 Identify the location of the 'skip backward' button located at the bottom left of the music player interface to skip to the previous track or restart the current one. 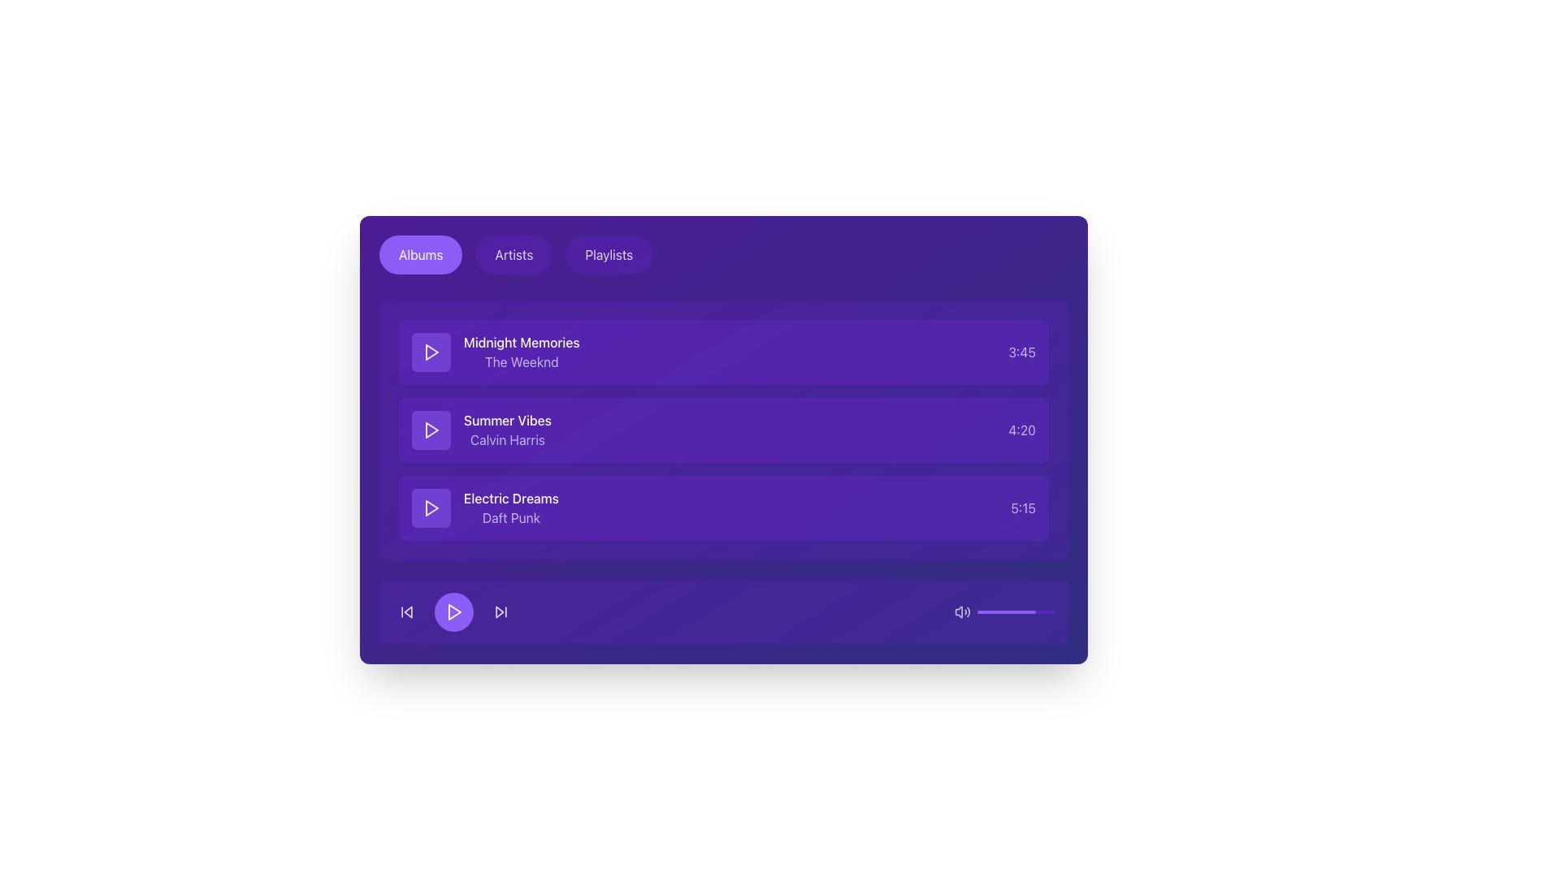
(406, 611).